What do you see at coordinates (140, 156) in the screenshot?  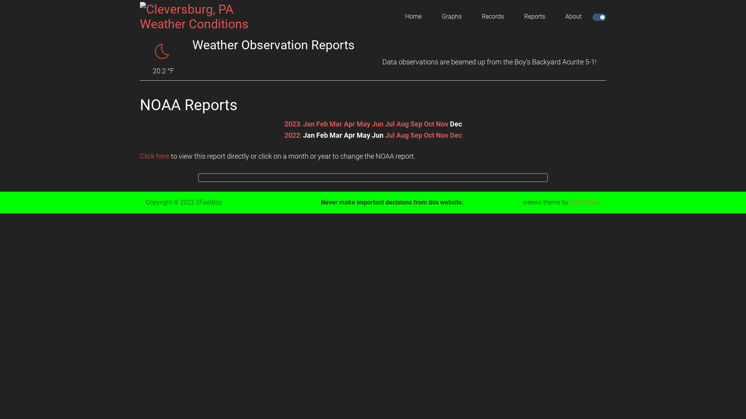 I see `'Click here'` at bounding box center [140, 156].